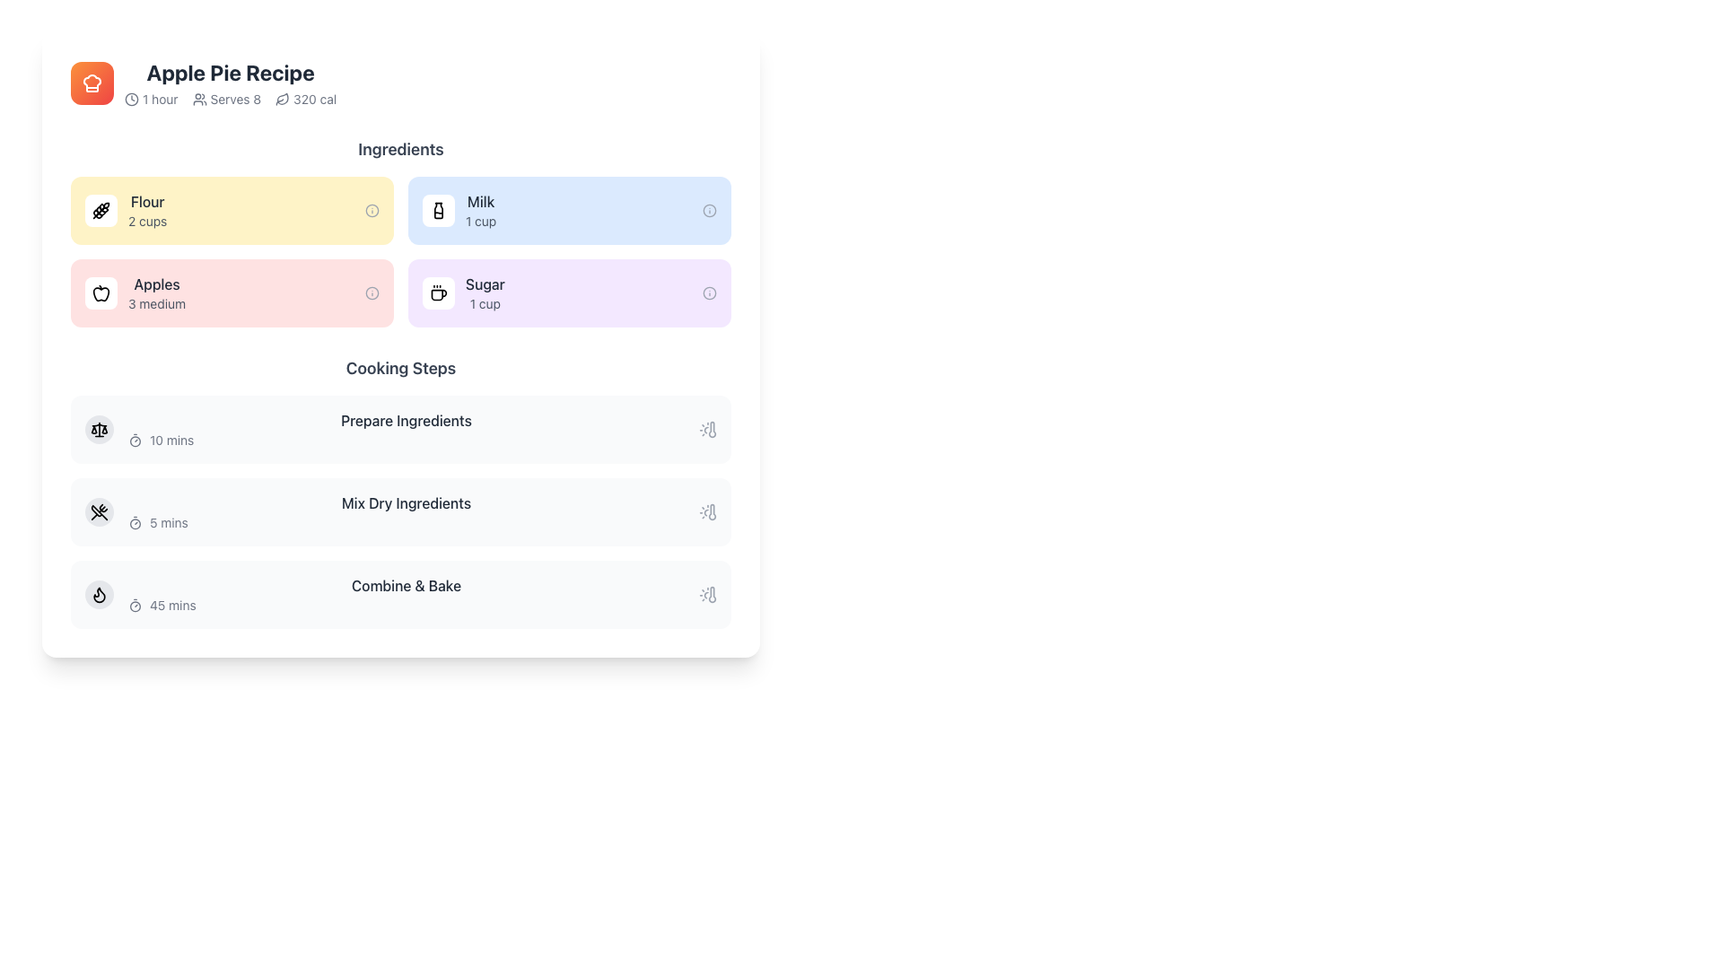  Describe the element at coordinates (405, 585) in the screenshot. I see `the text element displaying 'Combine & Bake' in bold, located in the cooking steps section of the recipe interface` at that location.